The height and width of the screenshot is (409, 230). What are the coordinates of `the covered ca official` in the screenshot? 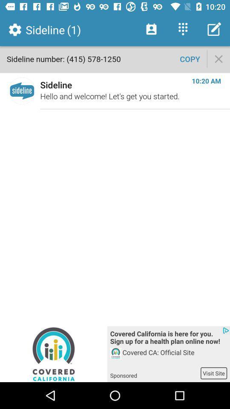 It's located at (174, 357).